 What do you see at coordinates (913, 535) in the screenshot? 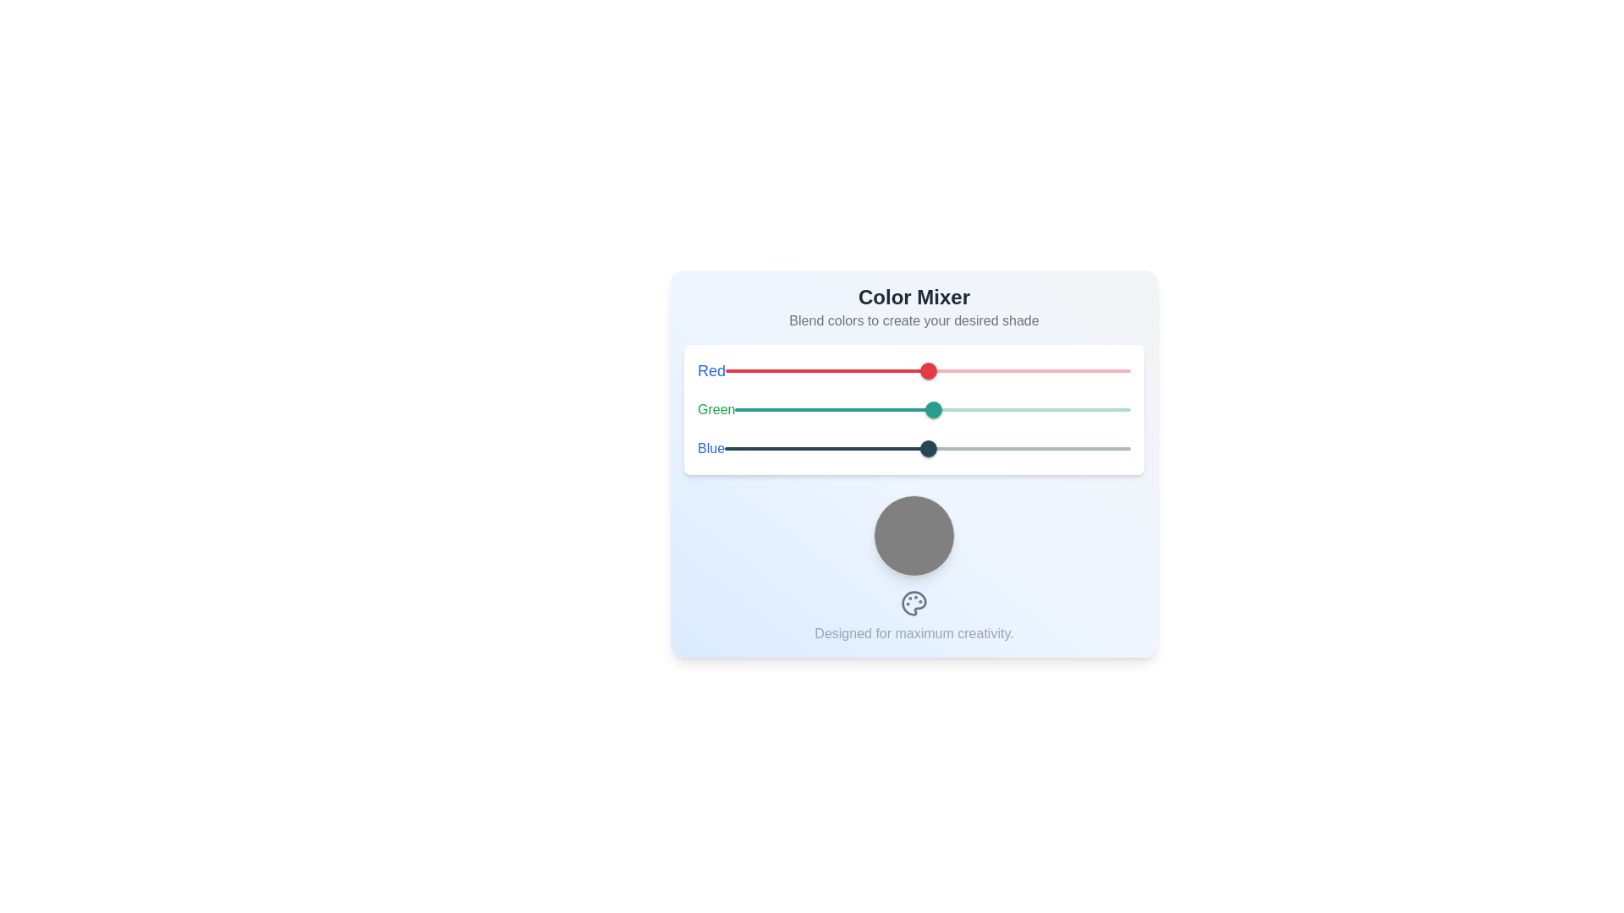
I see `the circular Color preview palette element, which is styled as a central gray circle with a shadow and border, located below the color sliders in the 'Color Mixer' interface` at bounding box center [913, 535].